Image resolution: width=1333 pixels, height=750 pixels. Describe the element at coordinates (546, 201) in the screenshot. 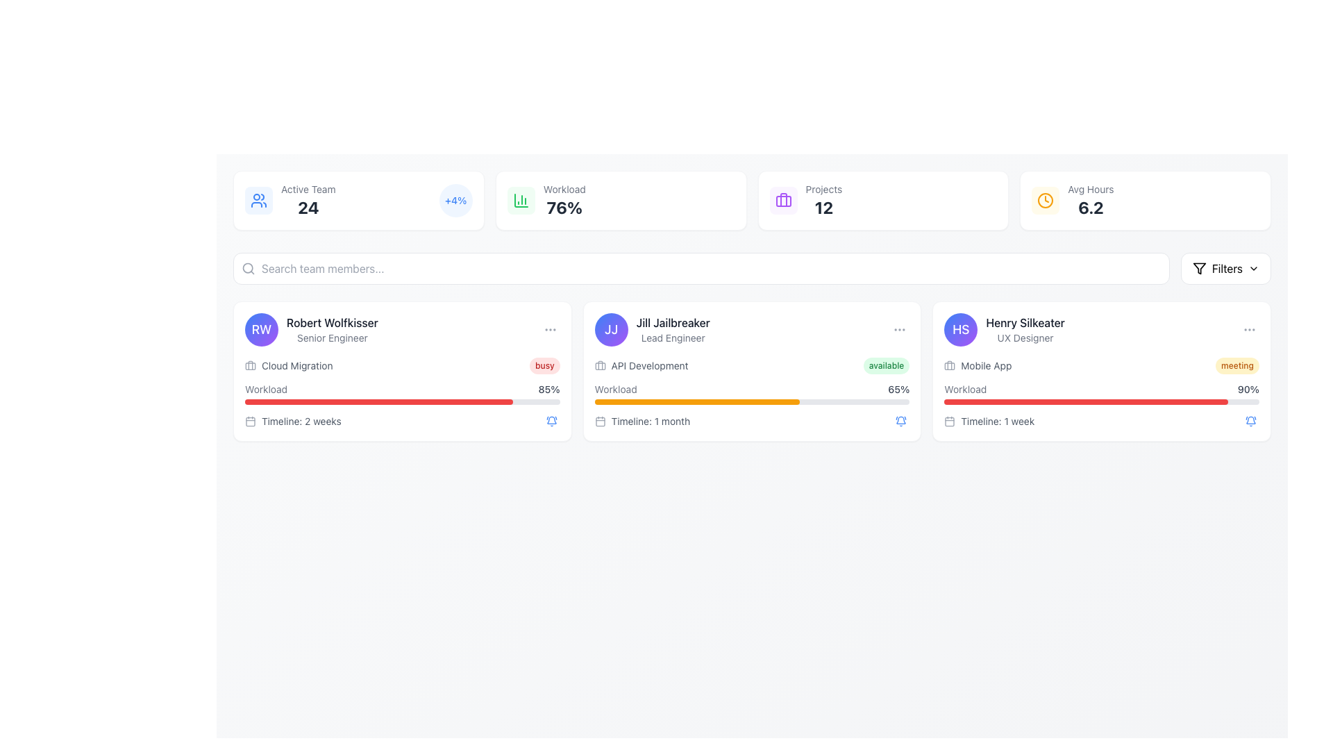

I see `the Informational summary module that displays the current workload status of 76%, located between the 'Active Team' and 'Projects' summary boxes` at that location.